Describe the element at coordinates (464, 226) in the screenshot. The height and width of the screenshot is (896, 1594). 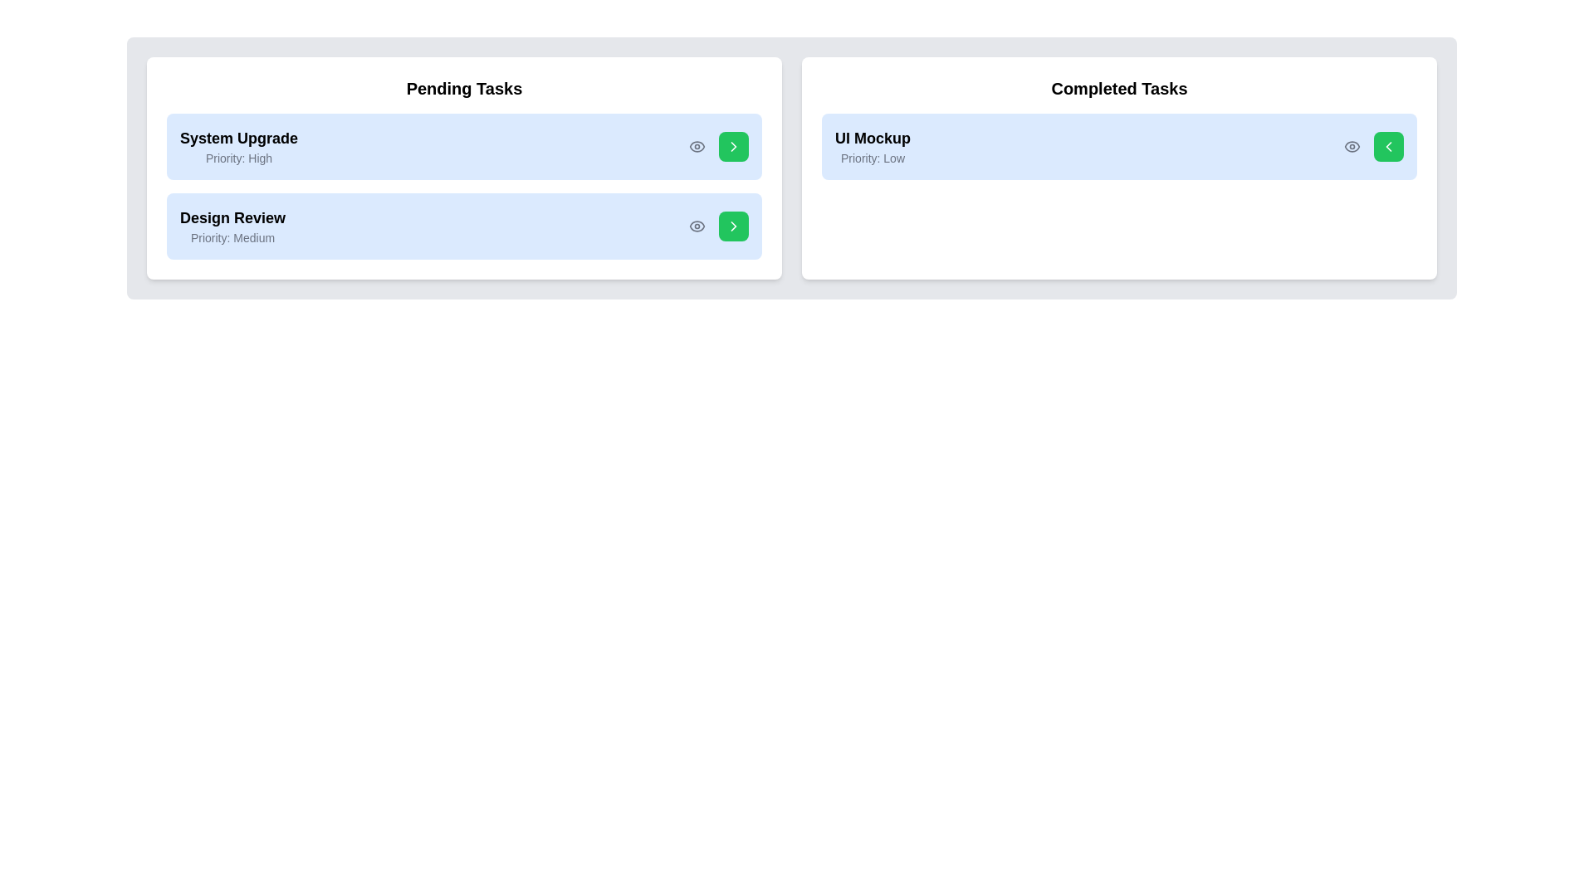
I see `the task 'Design Review' to highlight it` at that location.